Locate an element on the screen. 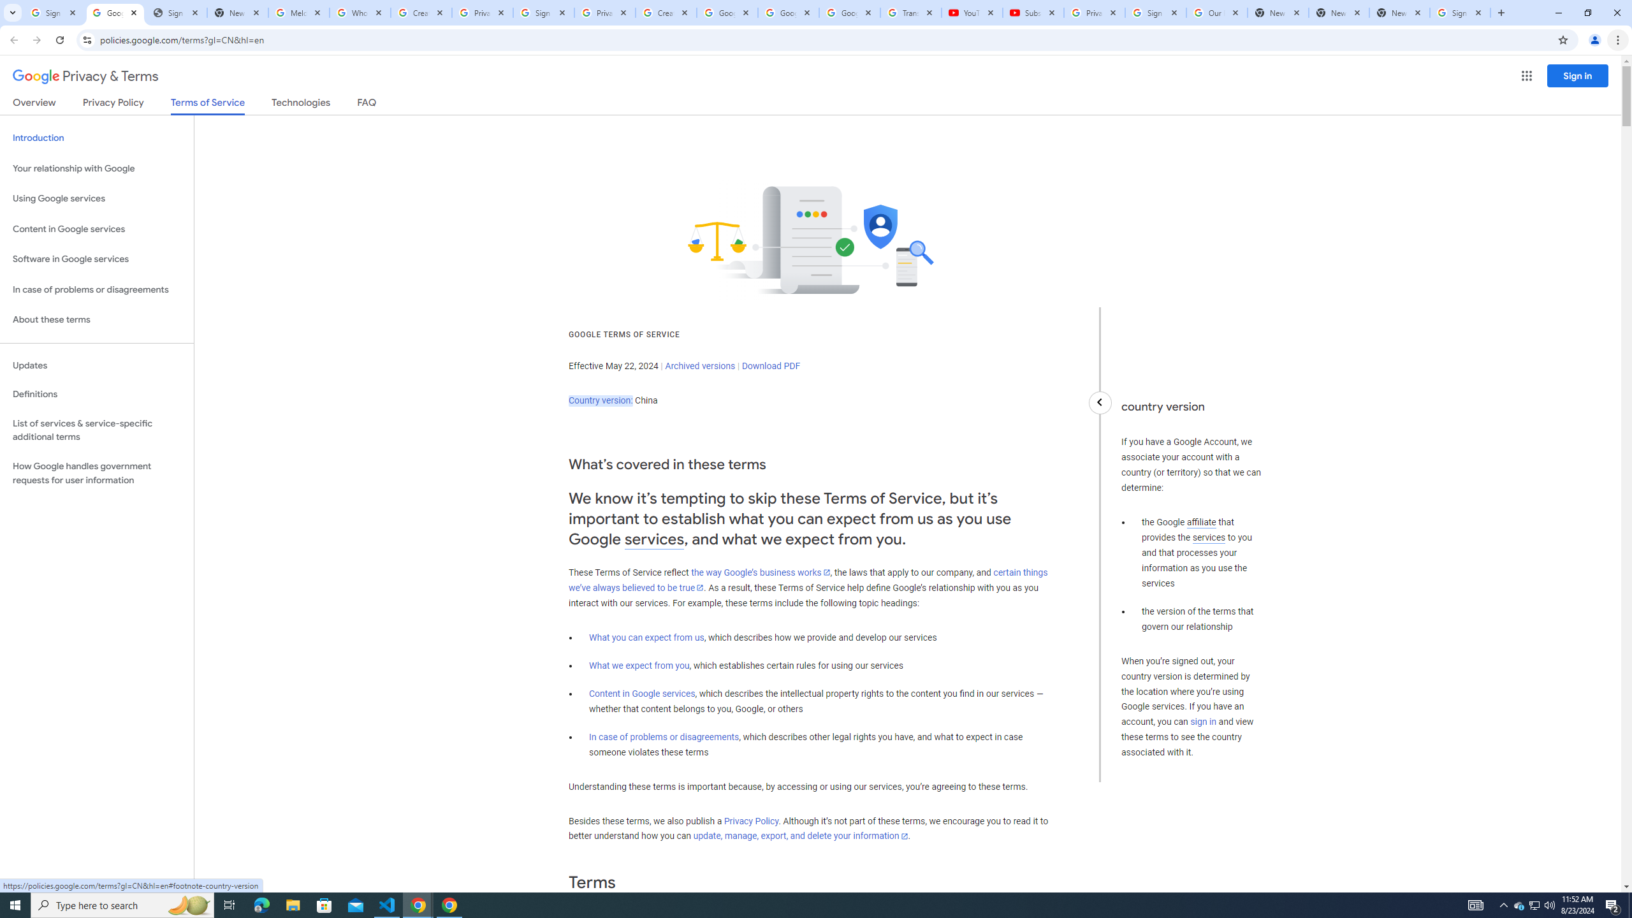  'Introduction' is located at coordinates (96, 137).